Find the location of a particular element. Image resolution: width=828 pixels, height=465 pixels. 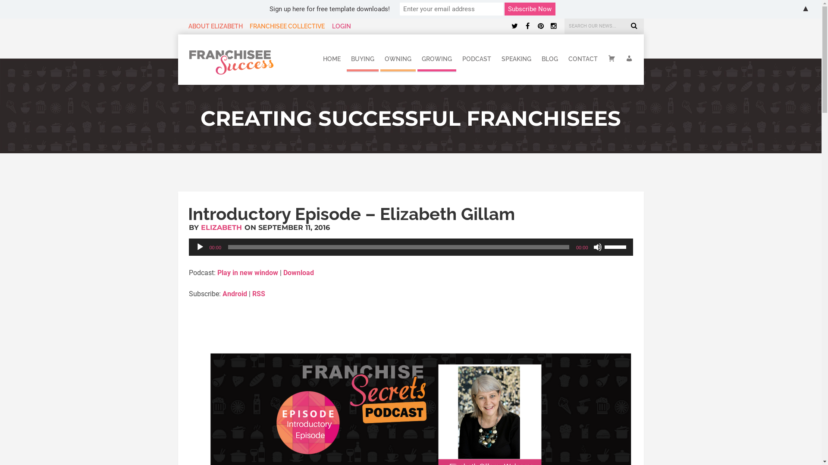

'Facebook' is located at coordinates (521, 26).